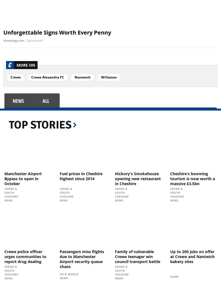 This screenshot has width=221, height=286. What do you see at coordinates (25, 256) in the screenshot?
I see `'Crewe police officer urges communities to report drug dealing'` at bounding box center [25, 256].